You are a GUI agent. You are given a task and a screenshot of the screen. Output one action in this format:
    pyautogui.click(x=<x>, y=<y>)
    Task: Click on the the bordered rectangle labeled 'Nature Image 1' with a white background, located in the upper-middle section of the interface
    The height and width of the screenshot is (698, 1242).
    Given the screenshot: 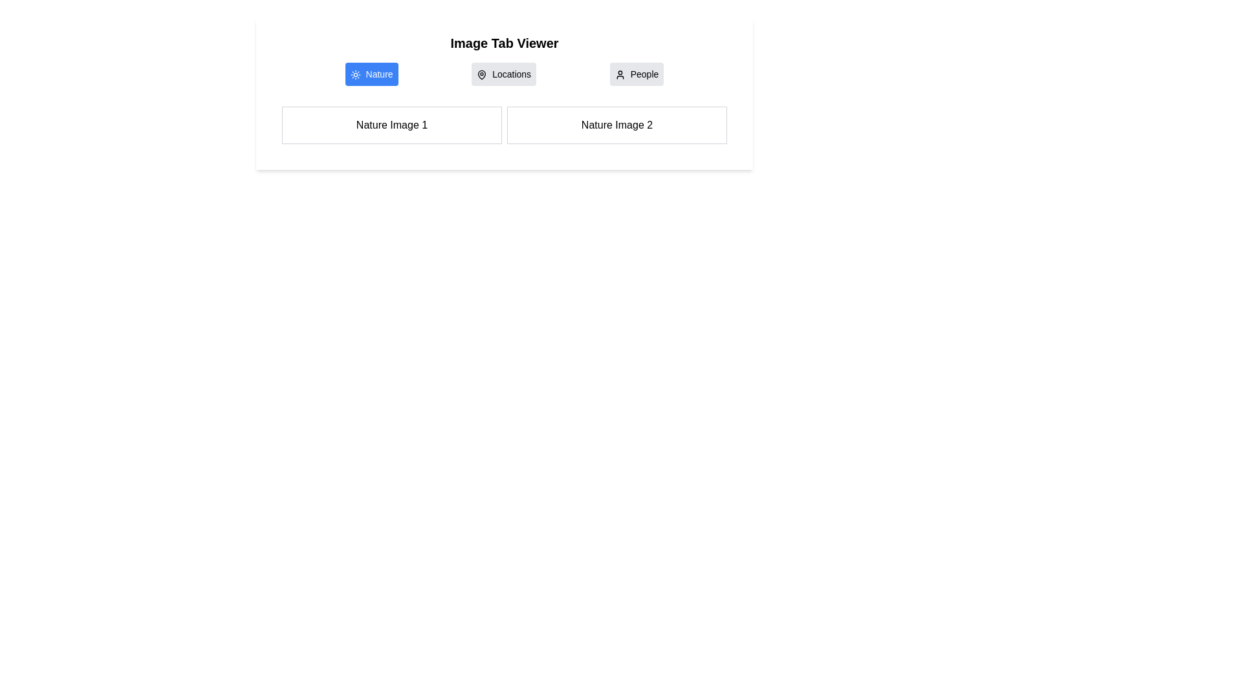 What is the action you would take?
    pyautogui.click(x=391, y=125)
    